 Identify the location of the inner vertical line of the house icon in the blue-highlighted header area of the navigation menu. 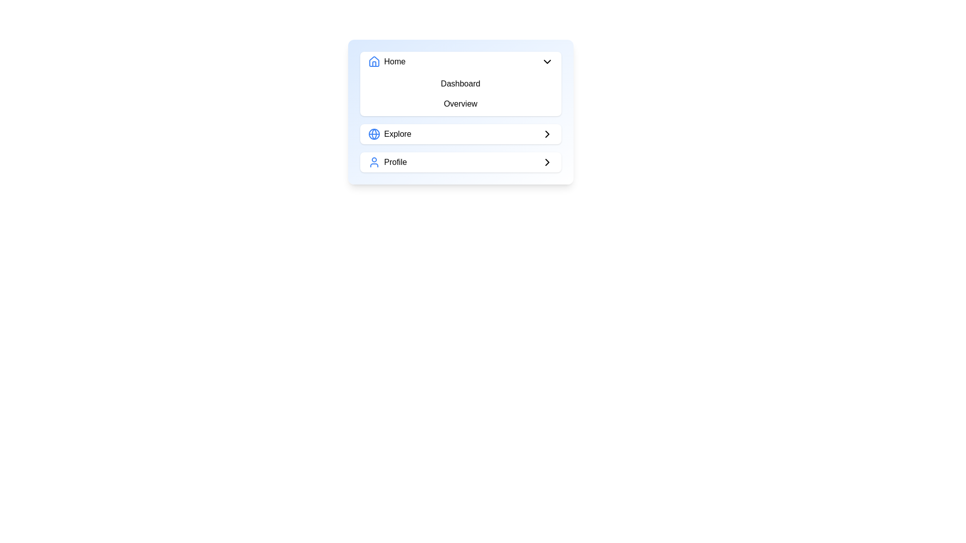
(373, 64).